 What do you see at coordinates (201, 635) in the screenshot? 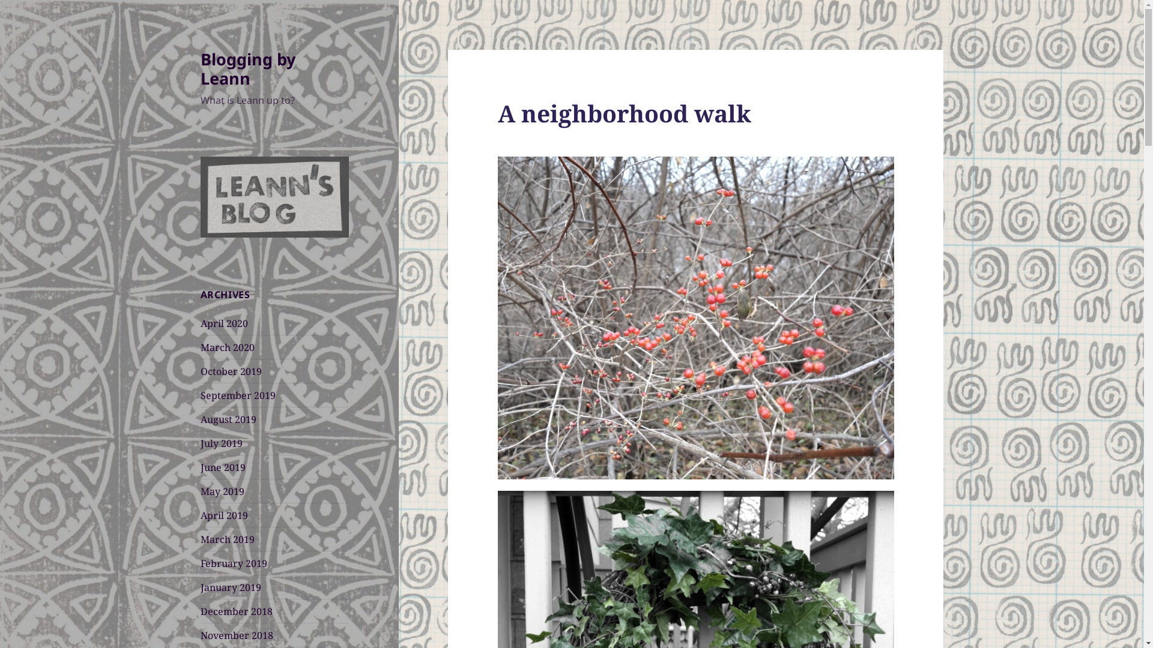
I see `'November 2018'` at bounding box center [201, 635].